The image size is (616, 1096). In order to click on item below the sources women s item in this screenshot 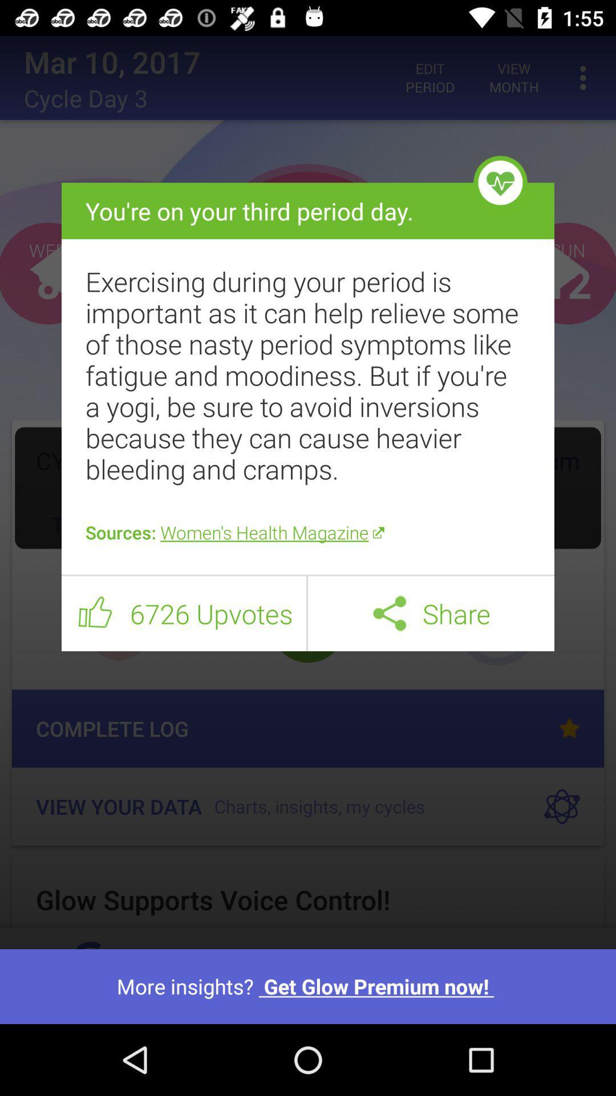, I will do `click(308, 575)`.